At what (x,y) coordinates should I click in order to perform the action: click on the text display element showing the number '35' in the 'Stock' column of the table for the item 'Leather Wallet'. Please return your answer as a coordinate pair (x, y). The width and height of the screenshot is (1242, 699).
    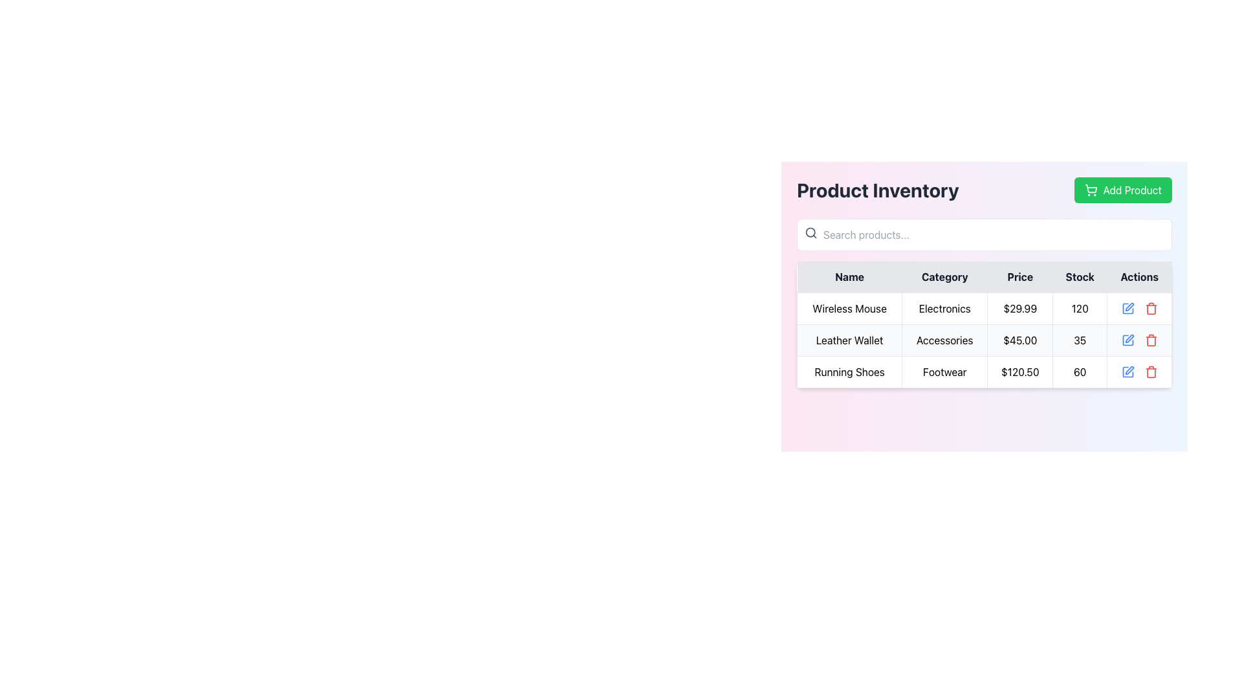
    Looking at the image, I should click on (1080, 339).